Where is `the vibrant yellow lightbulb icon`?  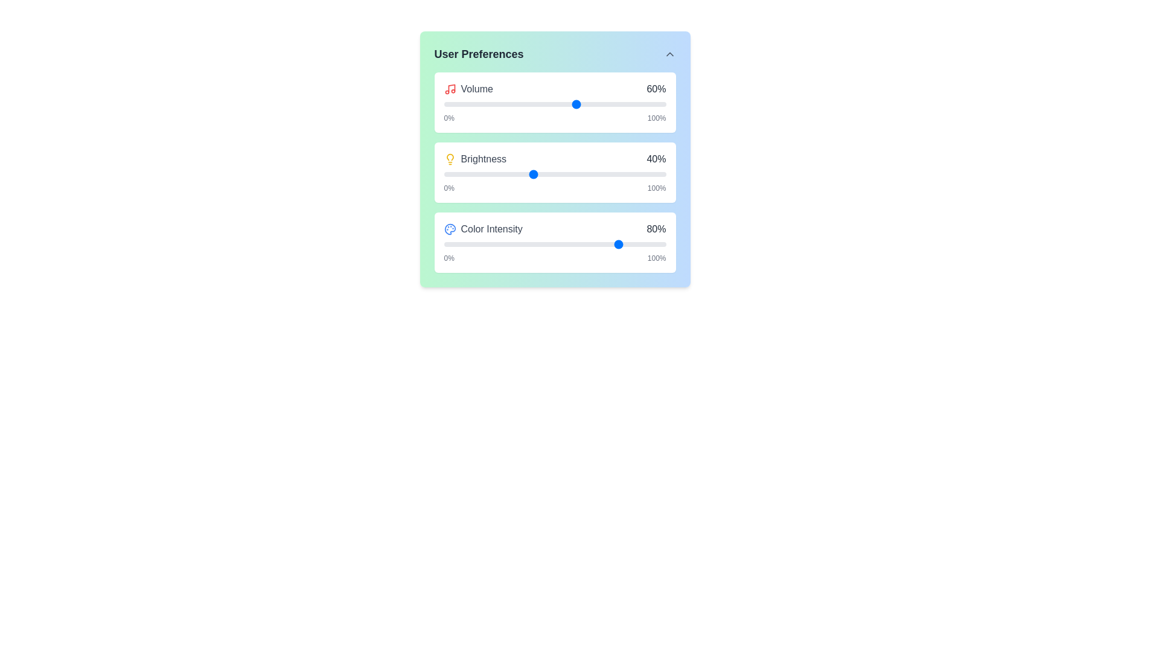
the vibrant yellow lightbulb icon is located at coordinates (449, 158).